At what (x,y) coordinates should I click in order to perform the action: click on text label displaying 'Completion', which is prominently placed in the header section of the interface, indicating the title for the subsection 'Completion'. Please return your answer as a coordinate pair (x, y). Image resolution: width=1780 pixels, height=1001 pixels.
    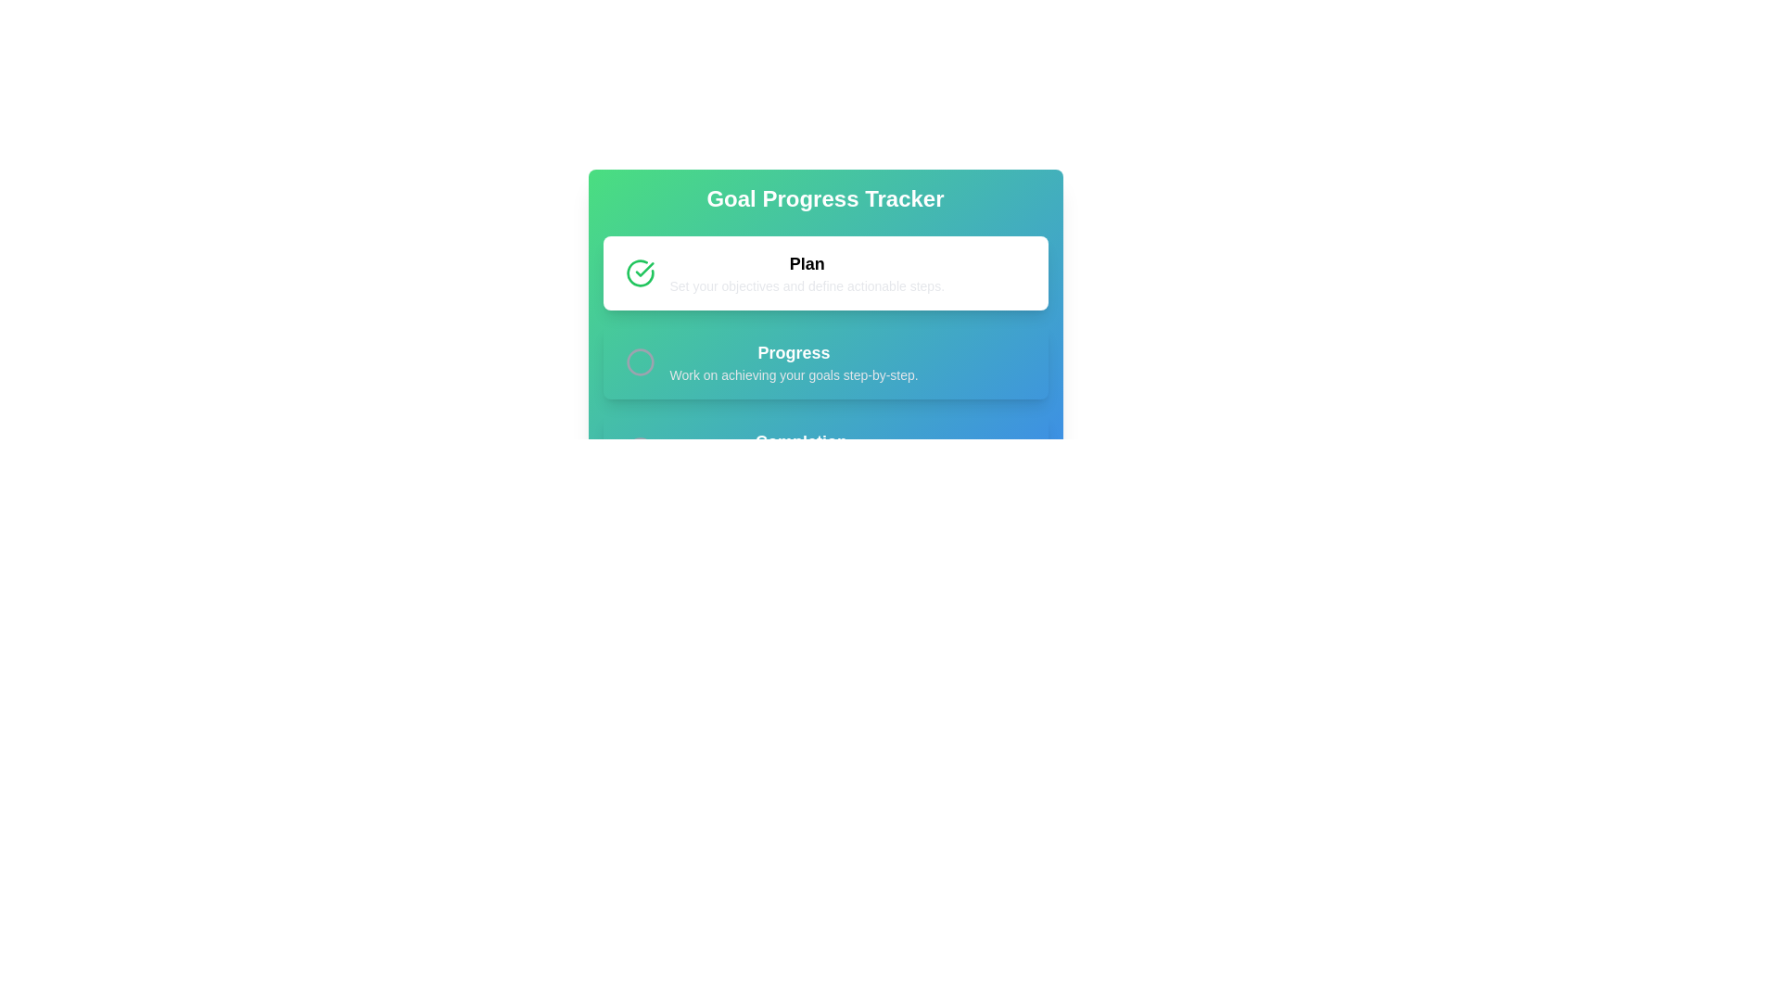
    Looking at the image, I should click on (801, 442).